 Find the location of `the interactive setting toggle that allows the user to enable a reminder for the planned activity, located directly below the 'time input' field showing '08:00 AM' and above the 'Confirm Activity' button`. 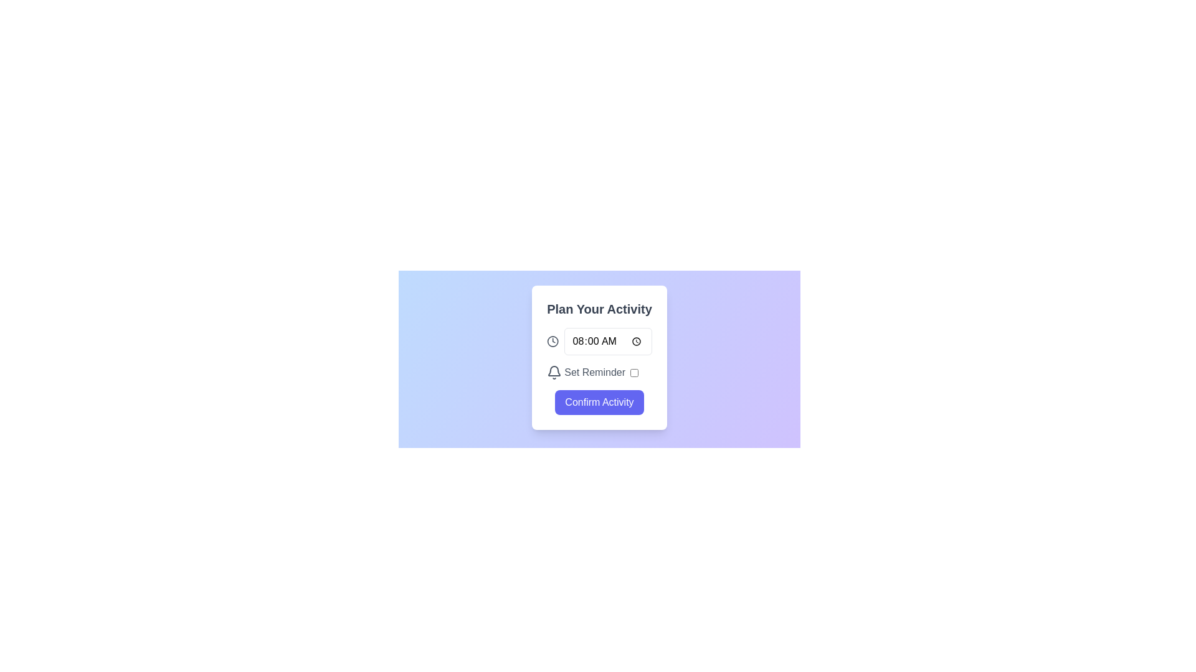

the interactive setting toggle that allows the user to enable a reminder for the planned activity, located directly below the 'time input' field showing '08:00 AM' and above the 'Confirm Activity' button is located at coordinates (599, 371).